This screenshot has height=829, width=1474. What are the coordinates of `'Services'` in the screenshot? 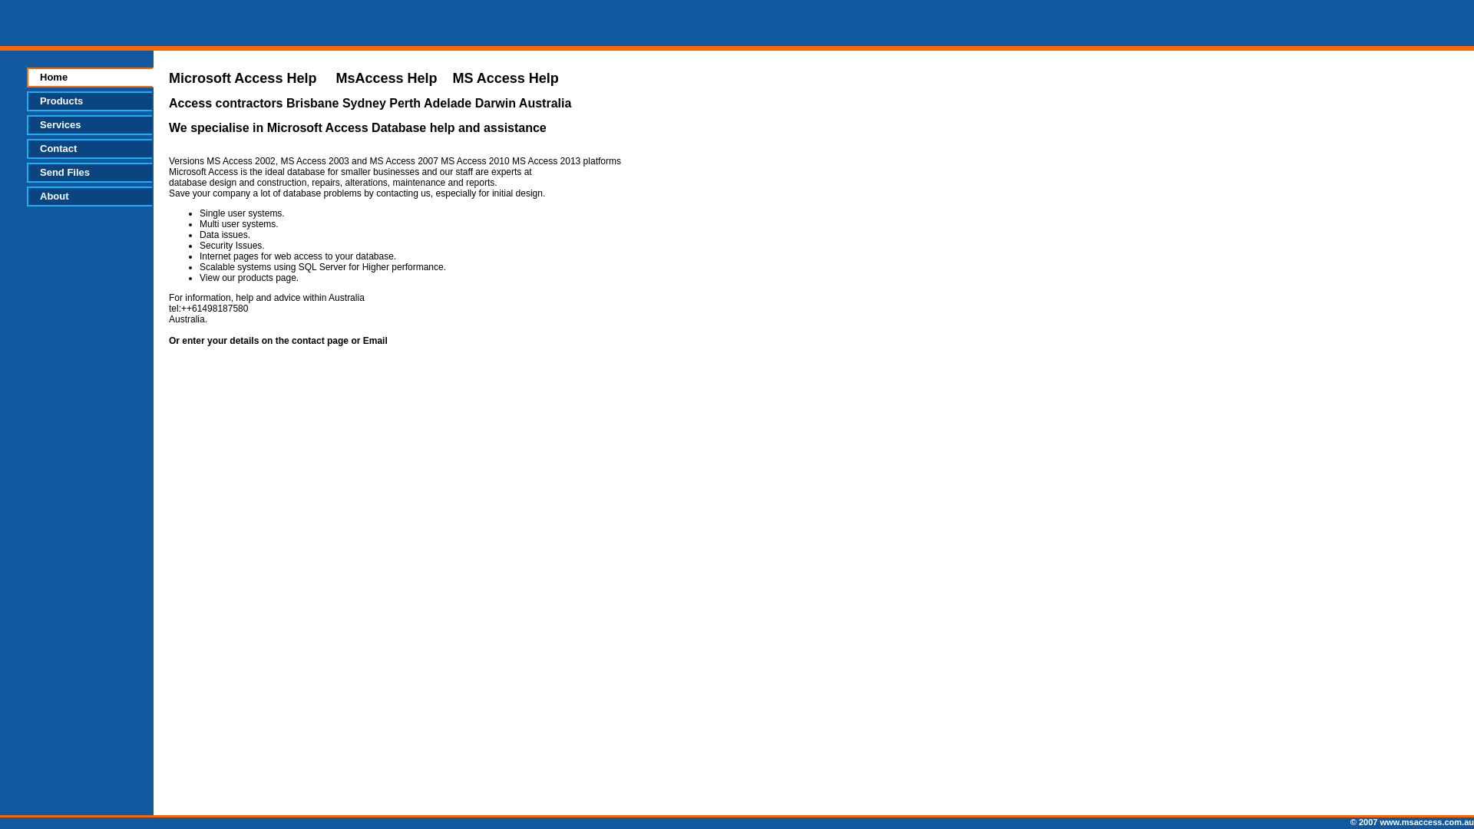 It's located at (88, 124).